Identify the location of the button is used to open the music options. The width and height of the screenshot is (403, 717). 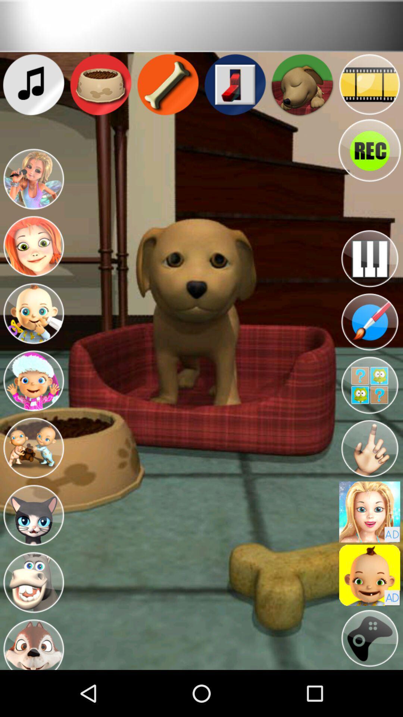
(369, 258).